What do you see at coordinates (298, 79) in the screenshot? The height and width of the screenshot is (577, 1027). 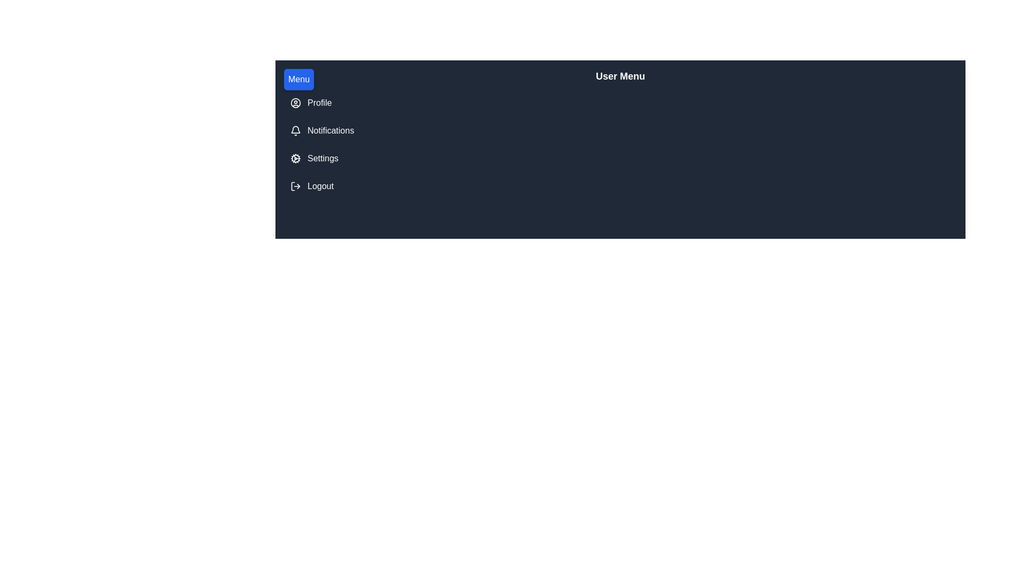 I see `the 'Menu' button to toggle the visibility of the menu` at bounding box center [298, 79].